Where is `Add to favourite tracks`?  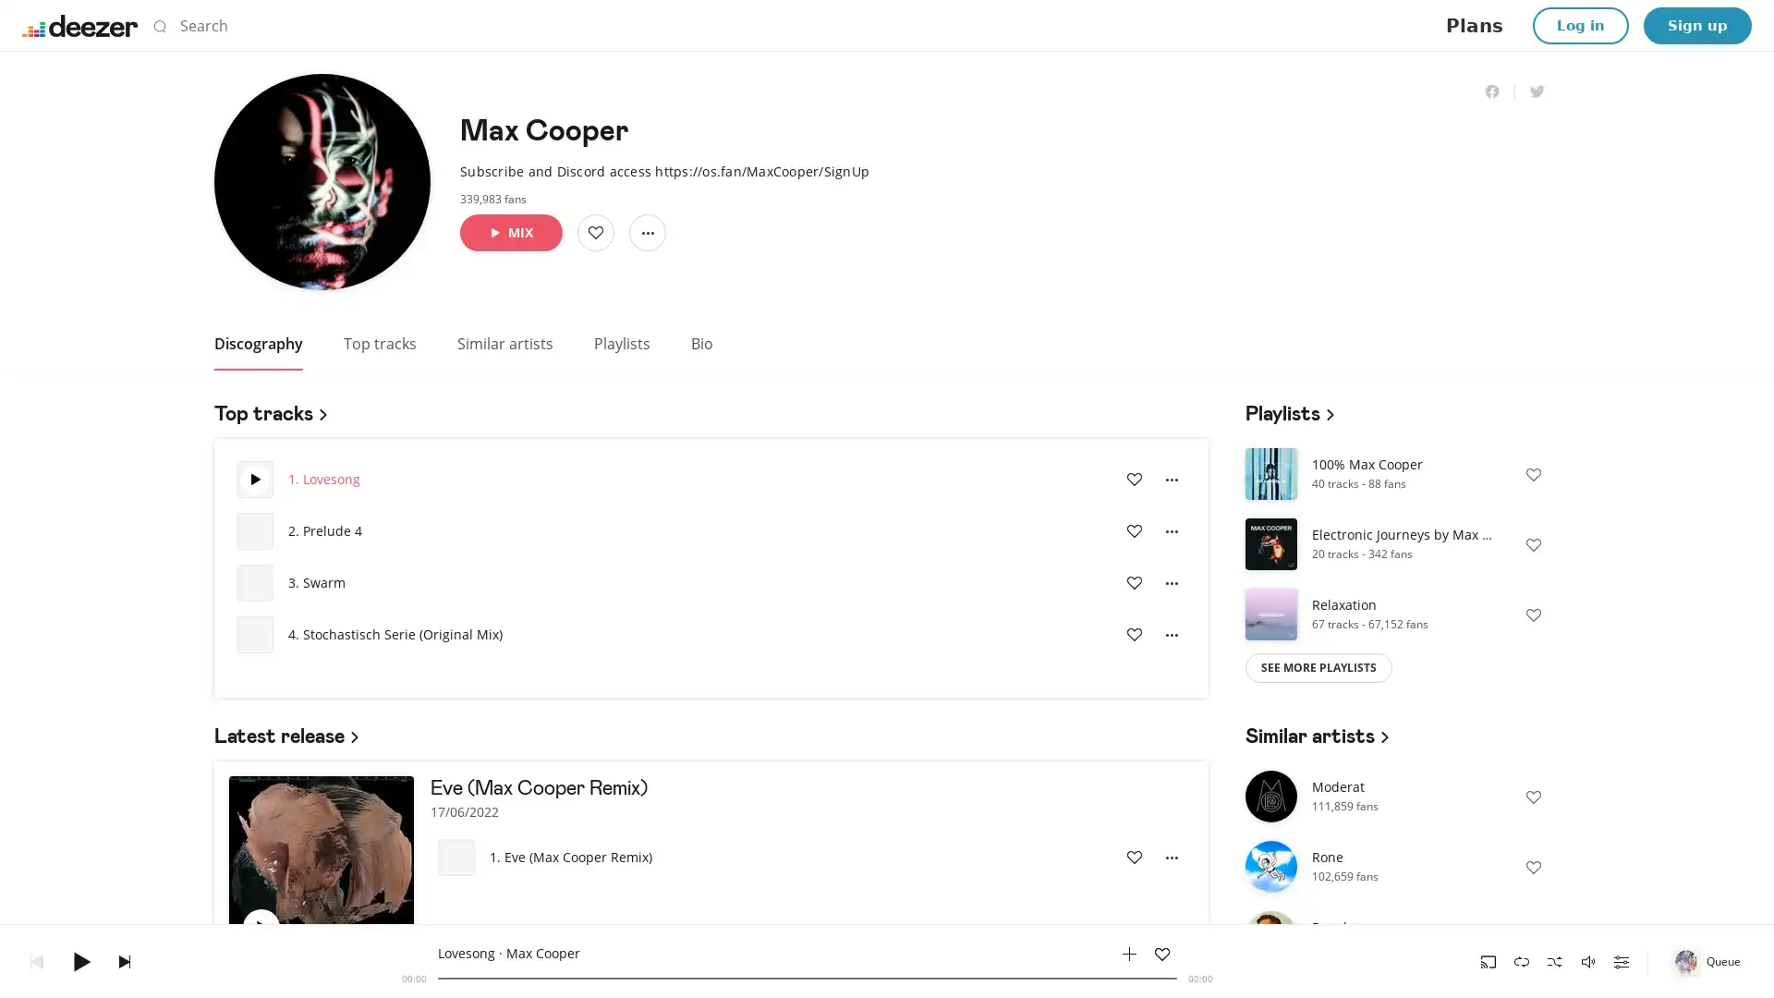 Add to favourite tracks is located at coordinates (1134, 633).